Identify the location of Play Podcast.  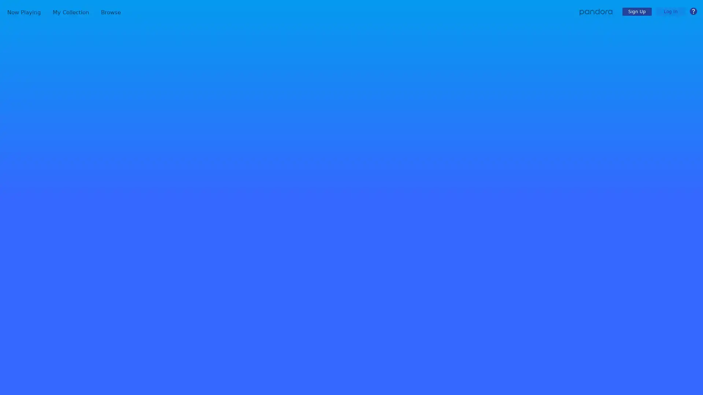
(172, 238).